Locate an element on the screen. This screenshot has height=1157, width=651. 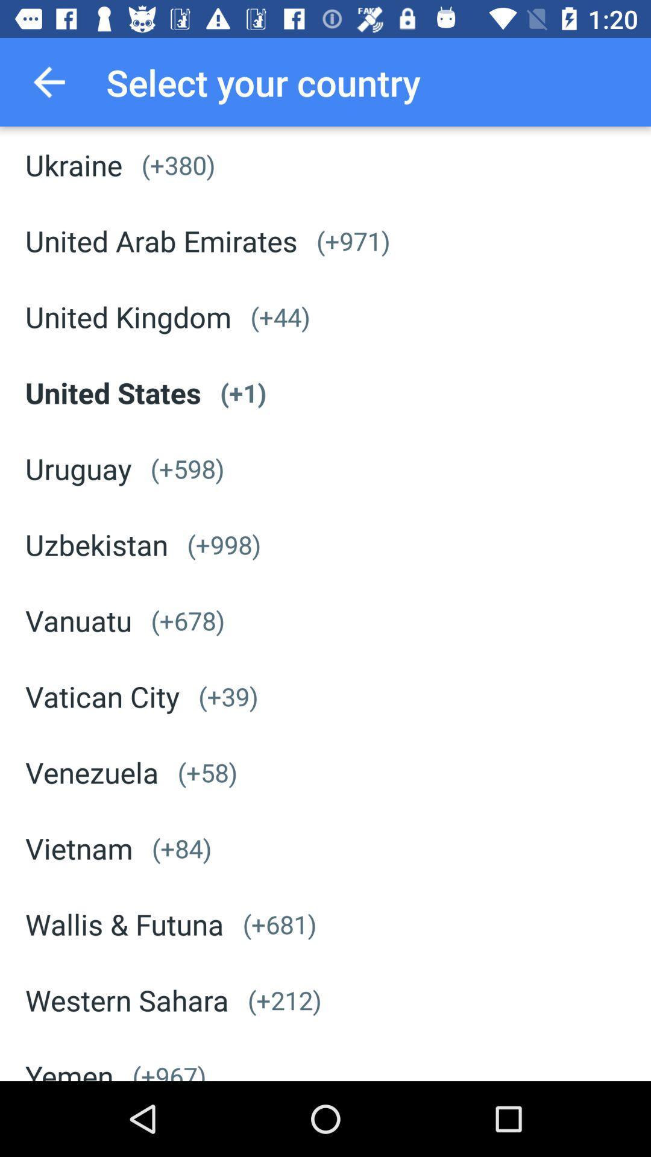
item to the left of the select your country app is located at coordinates (48, 81).